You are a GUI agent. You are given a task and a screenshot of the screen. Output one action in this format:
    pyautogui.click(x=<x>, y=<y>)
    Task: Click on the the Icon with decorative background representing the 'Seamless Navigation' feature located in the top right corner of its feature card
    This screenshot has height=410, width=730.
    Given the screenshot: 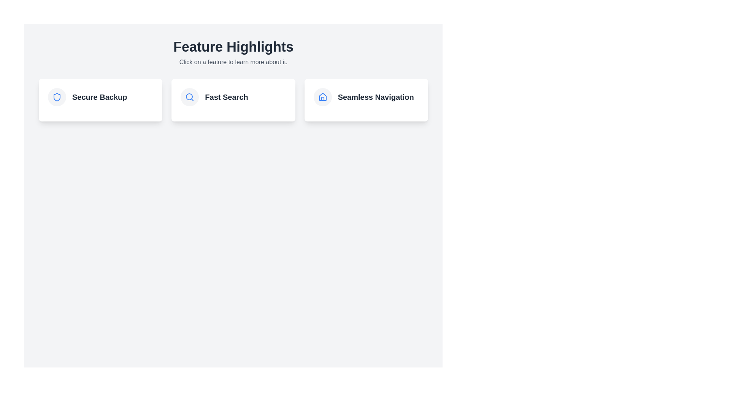 What is the action you would take?
    pyautogui.click(x=322, y=96)
    